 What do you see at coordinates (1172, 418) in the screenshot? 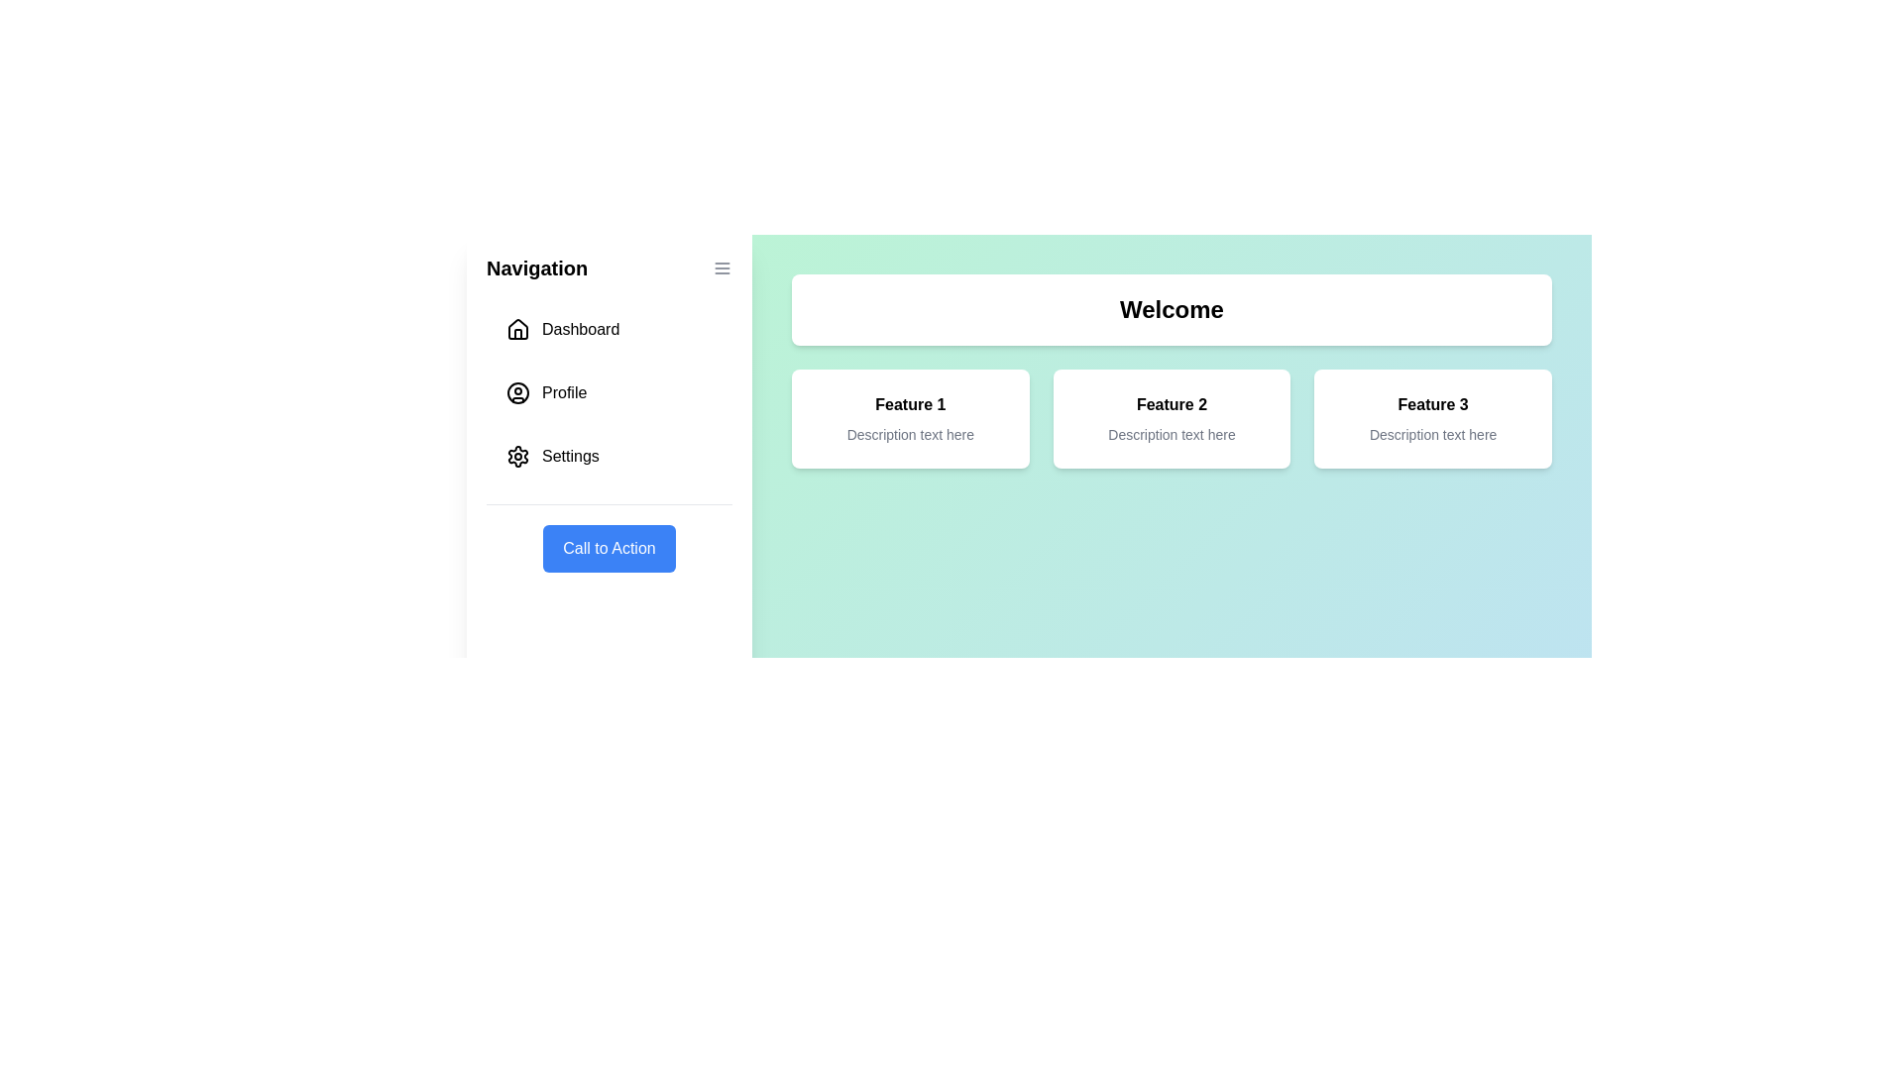
I see `the feature card labeled Feature 2` at bounding box center [1172, 418].